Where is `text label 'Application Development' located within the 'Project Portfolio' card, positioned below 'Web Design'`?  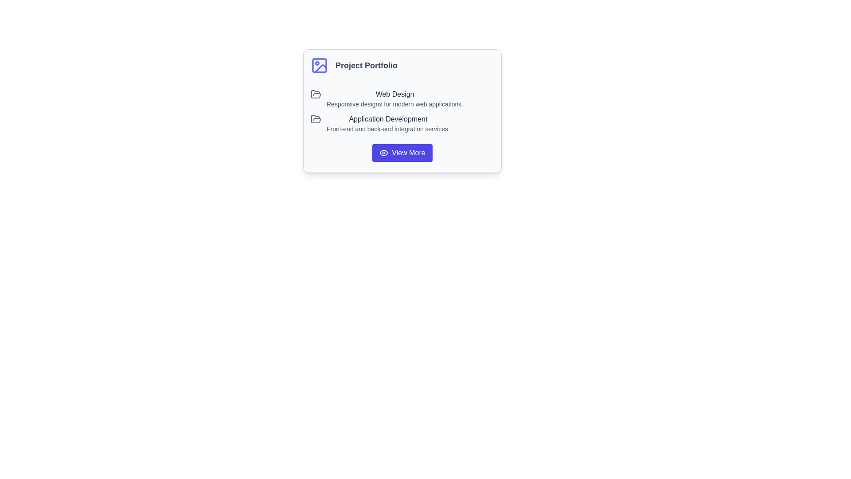 text label 'Application Development' located within the 'Project Portfolio' card, positioned below 'Web Design' is located at coordinates (388, 119).